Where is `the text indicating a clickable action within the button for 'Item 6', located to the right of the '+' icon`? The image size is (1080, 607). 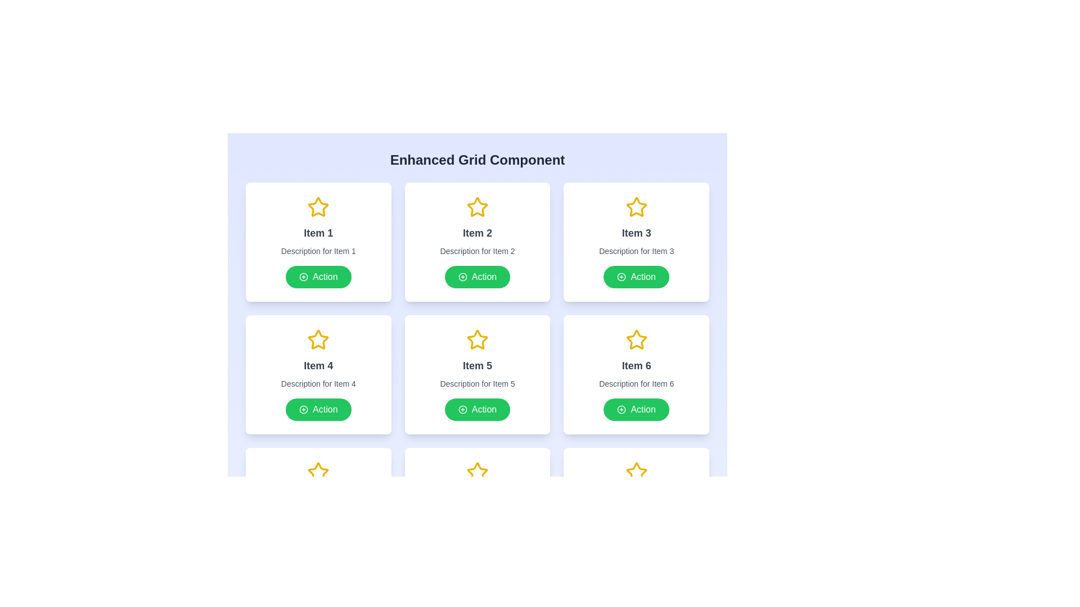 the text indicating a clickable action within the button for 'Item 6', located to the right of the '+' icon is located at coordinates (643, 410).